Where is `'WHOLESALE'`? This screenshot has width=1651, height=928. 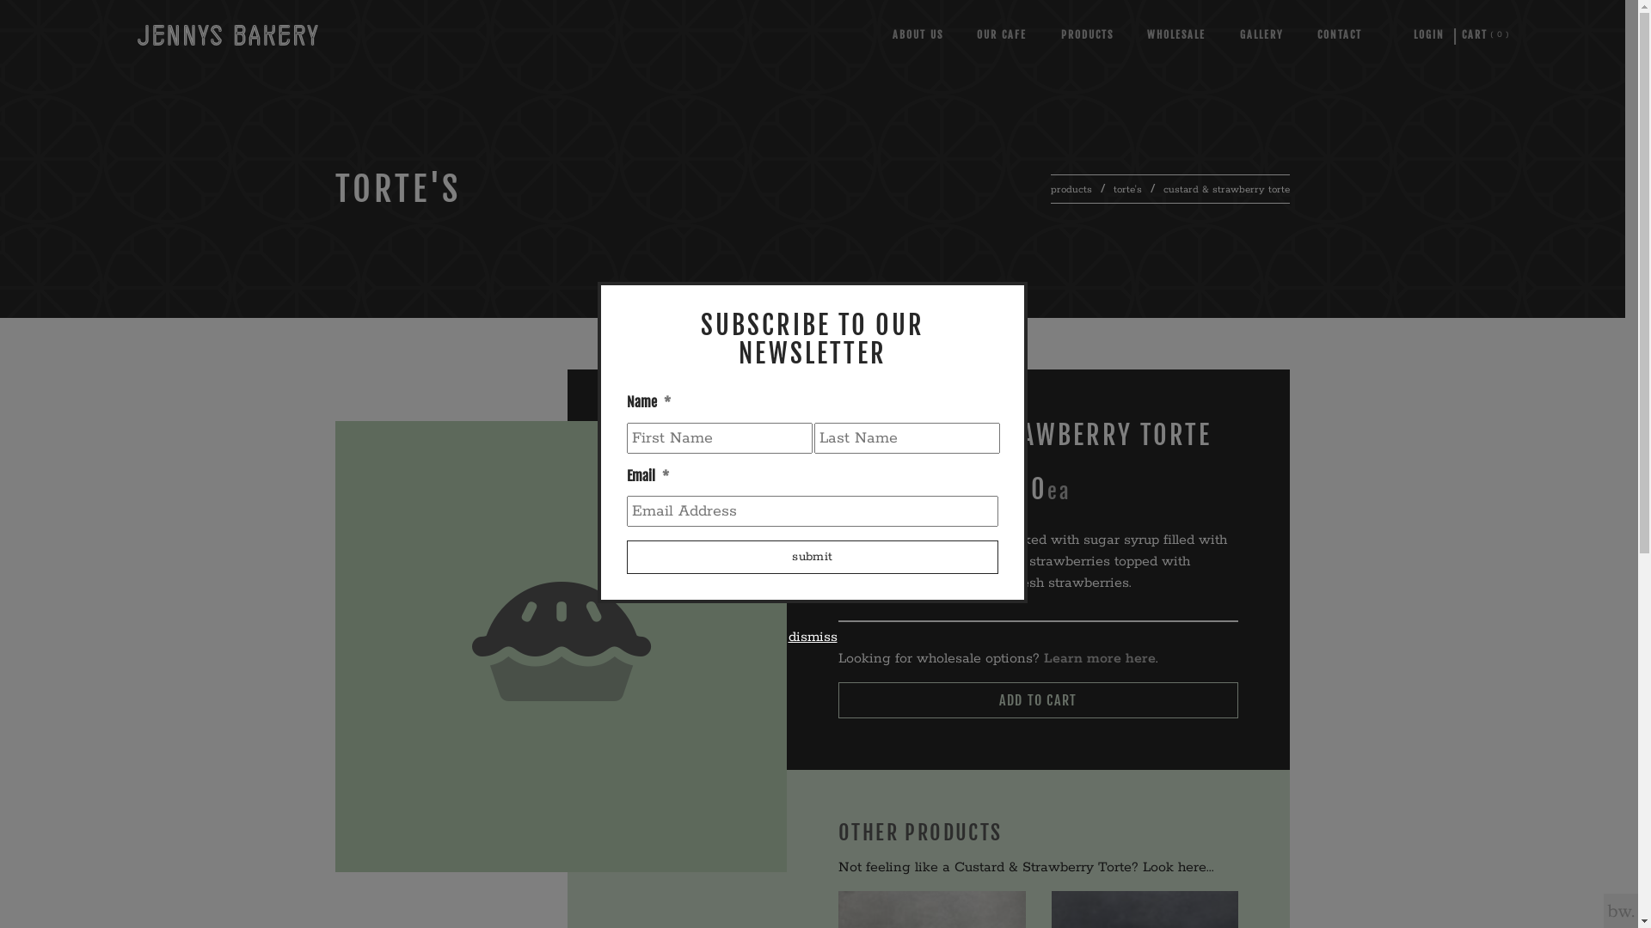
'WHOLESALE' is located at coordinates (1175, 34).